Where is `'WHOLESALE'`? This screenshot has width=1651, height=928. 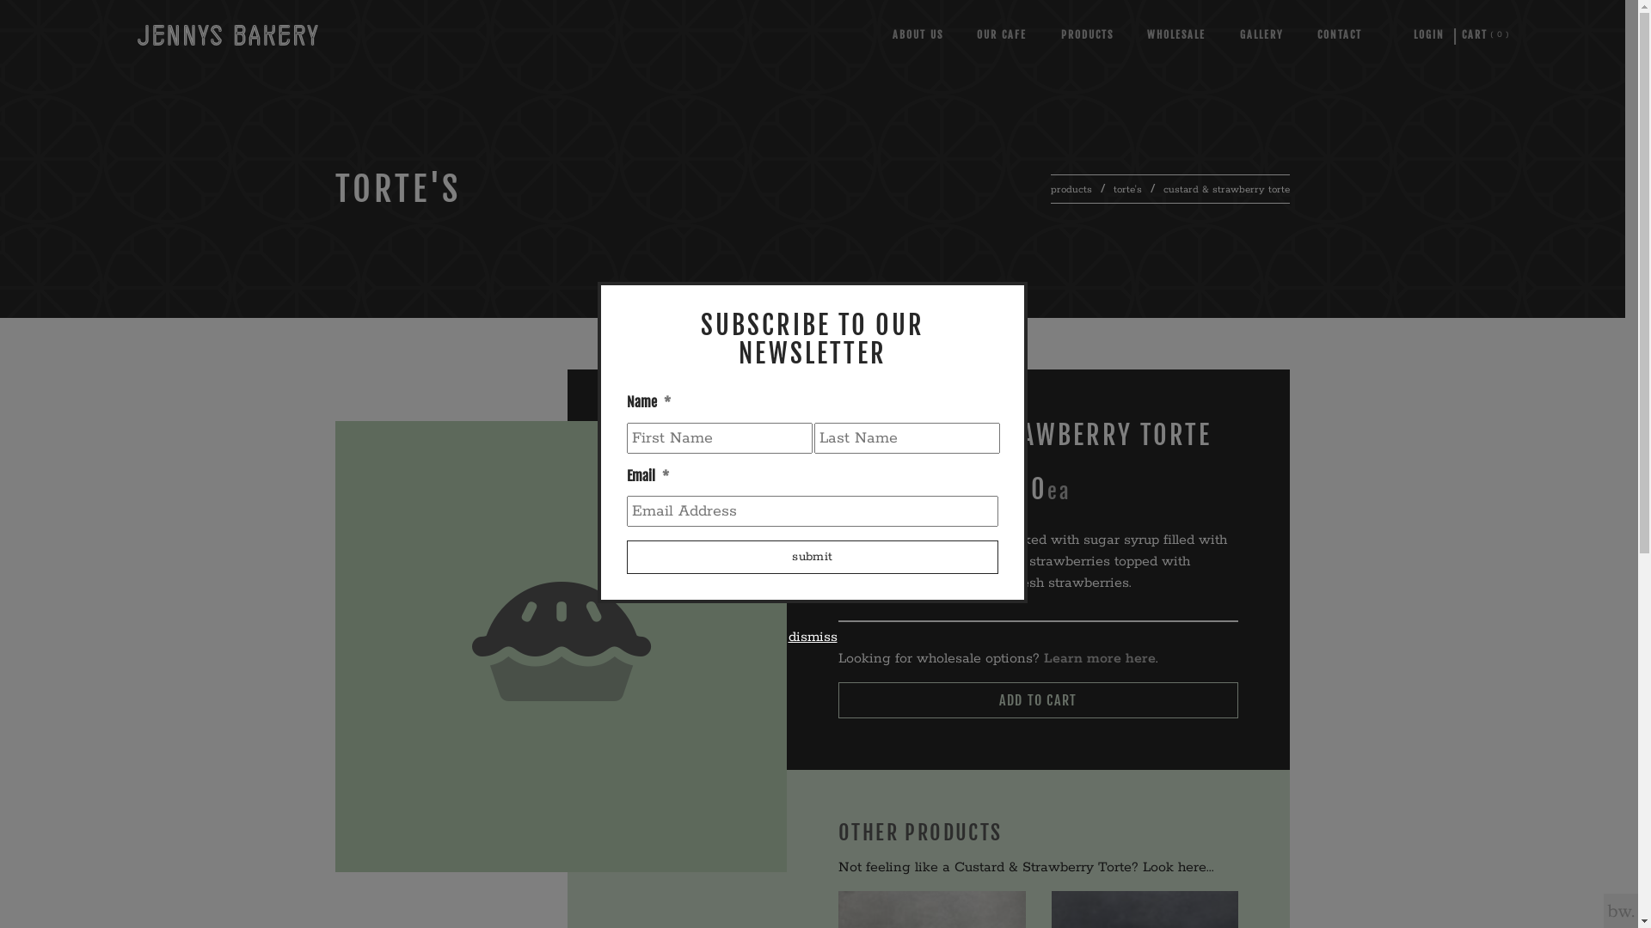
'WHOLESALE' is located at coordinates (1175, 34).